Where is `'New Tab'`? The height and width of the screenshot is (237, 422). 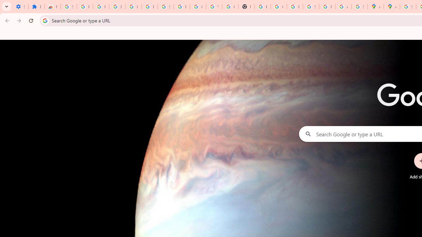
'New Tab' is located at coordinates (246, 7).